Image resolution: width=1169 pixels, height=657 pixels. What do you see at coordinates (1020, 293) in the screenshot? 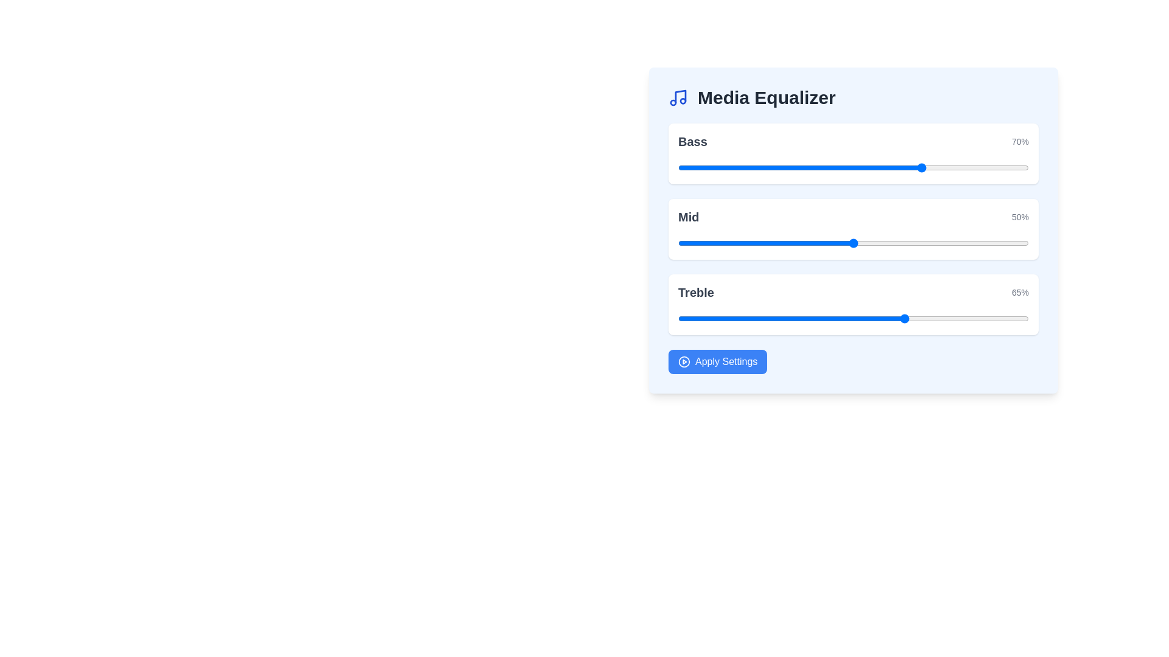
I see `the static text label displaying the value of 65% for the 'Treble' equalizer, which is located to the right of the 'Treble' label in the Media Equalizer section` at bounding box center [1020, 293].